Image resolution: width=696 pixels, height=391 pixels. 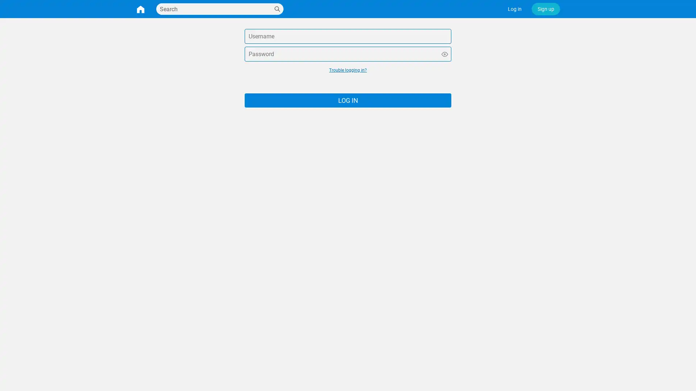 What do you see at coordinates (444, 54) in the screenshot?
I see `Show password` at bounding box center [444, 54].